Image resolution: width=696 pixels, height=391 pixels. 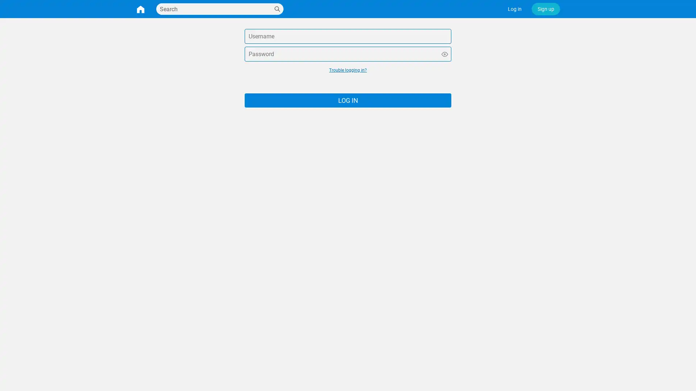 What do you see at coordinates (444, 54) in the screenshot?
I see `Show password` at bounding box center [444, 54].